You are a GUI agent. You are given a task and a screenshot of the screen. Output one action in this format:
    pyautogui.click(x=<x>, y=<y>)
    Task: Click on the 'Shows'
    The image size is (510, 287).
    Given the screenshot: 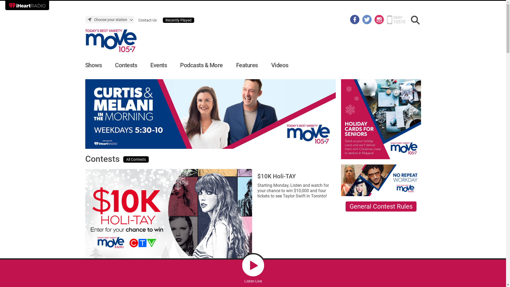 What is the action you would take?
    pyautogui.click(x=93, y=65)
    